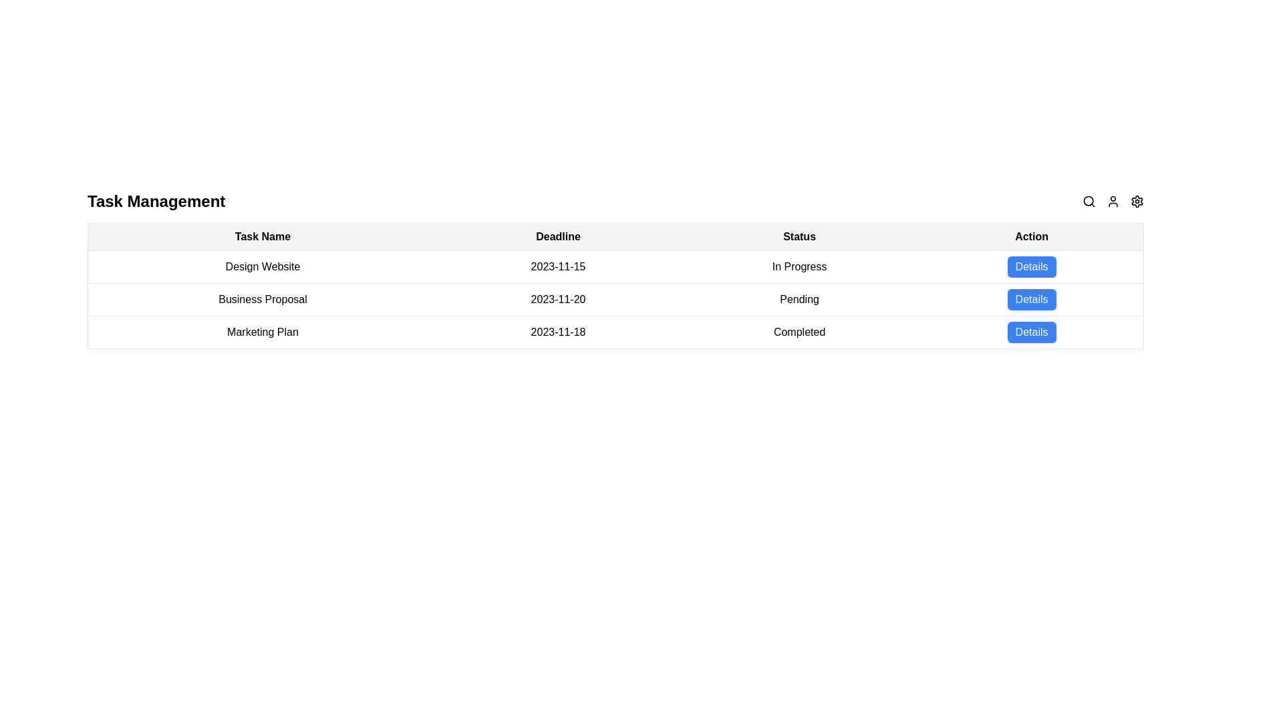 The height and width of the screenshot is (721, 1283). Describe the element at coordinates (615, 331) in the screenshot. I see `task details from the third row of the table, which includes the Task Name 'Marketing Plan', Deadline '2023-11-18', Status 'Completed', and the button labeled 'Details'` at that location.